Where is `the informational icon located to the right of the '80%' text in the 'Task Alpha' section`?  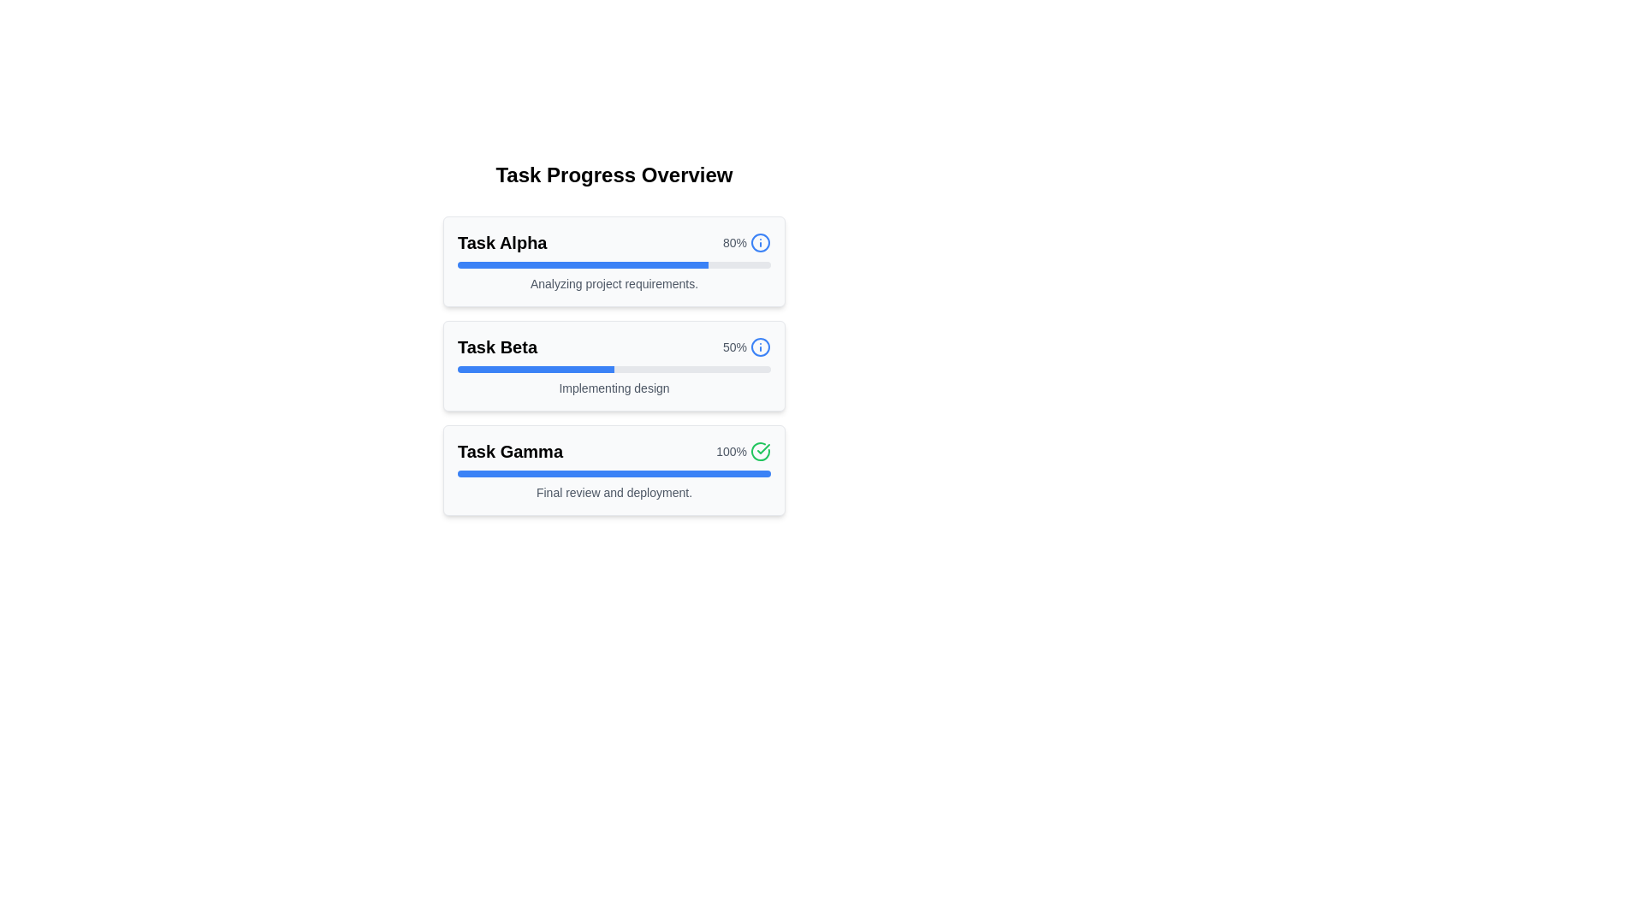 the informational icon located to the right of the '80%' text in the 'Task Alpha' section is located at coordinates (759, 243).